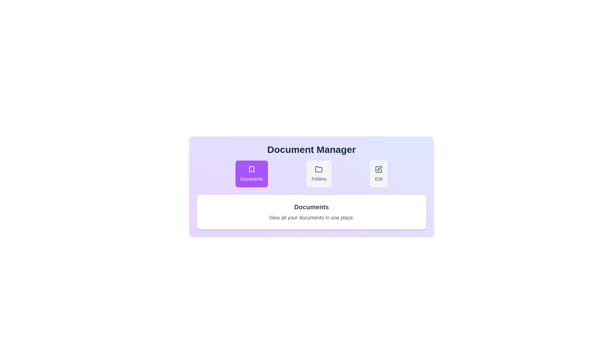  Describe the element at coordinates (312, 174) in the screenshot. I see `the middle navigation card labeled 'Folders' in the Document Manager section` at that location.